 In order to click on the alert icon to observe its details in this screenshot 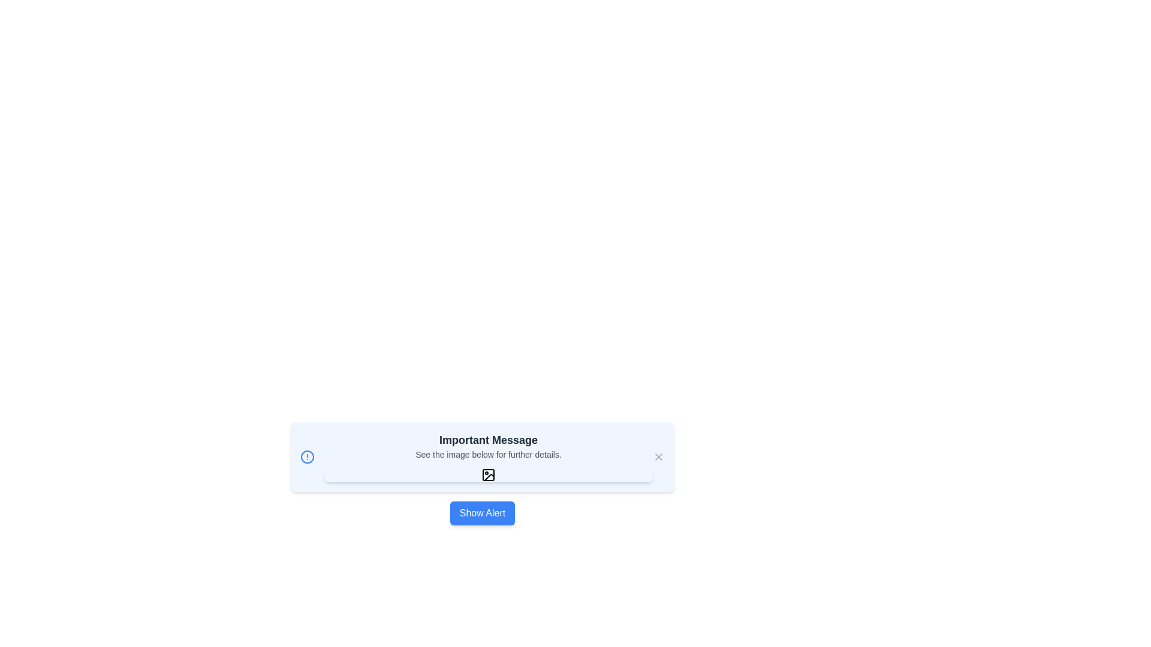, I will do `click(308, 457)`.